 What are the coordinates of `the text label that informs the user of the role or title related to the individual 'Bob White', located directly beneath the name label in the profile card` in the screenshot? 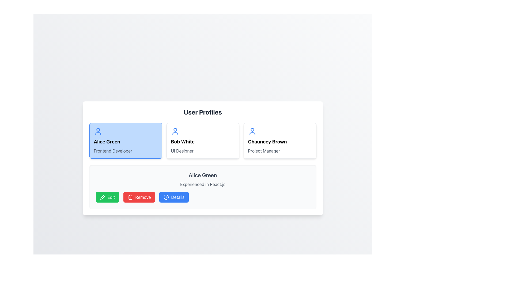 It's located at (182, 151).